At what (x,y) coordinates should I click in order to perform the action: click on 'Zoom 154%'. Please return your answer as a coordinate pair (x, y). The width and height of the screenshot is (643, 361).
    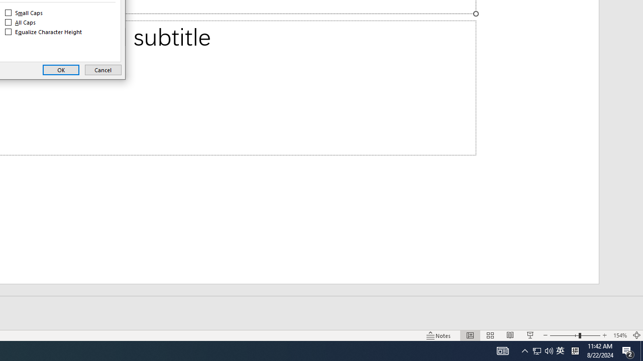
    Looking at the image, I should click on (628, 350).